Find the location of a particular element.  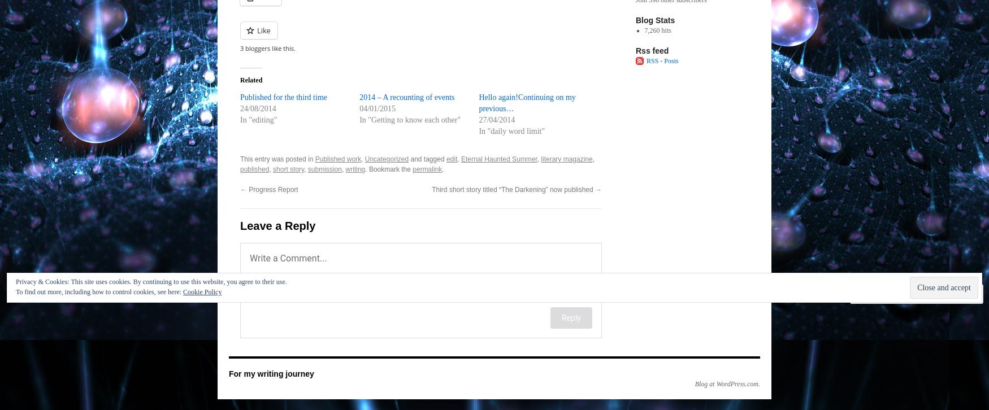

'and tagged' is located at coordinates (427, 158).